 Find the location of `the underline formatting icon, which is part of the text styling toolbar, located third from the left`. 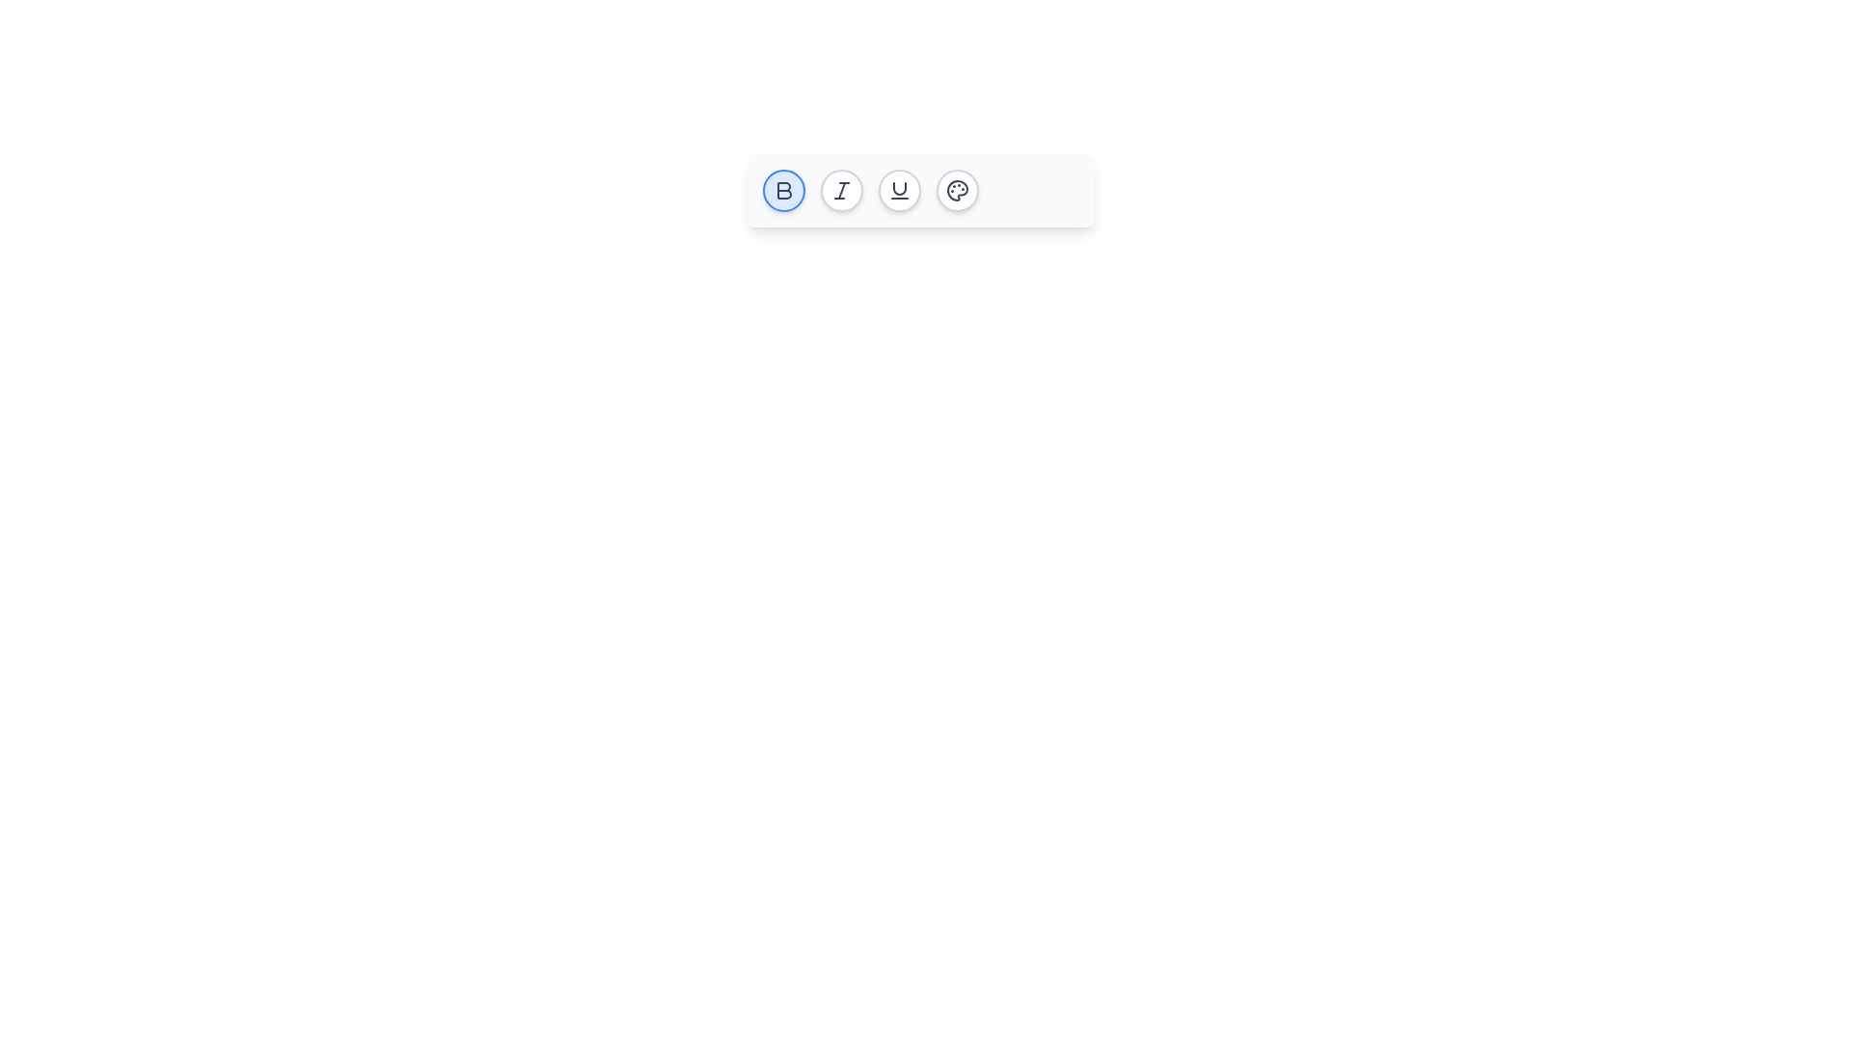

the underline formatting icon, which is part of the text styling toolbar, located third from the left is located at coordinates (898, 189).